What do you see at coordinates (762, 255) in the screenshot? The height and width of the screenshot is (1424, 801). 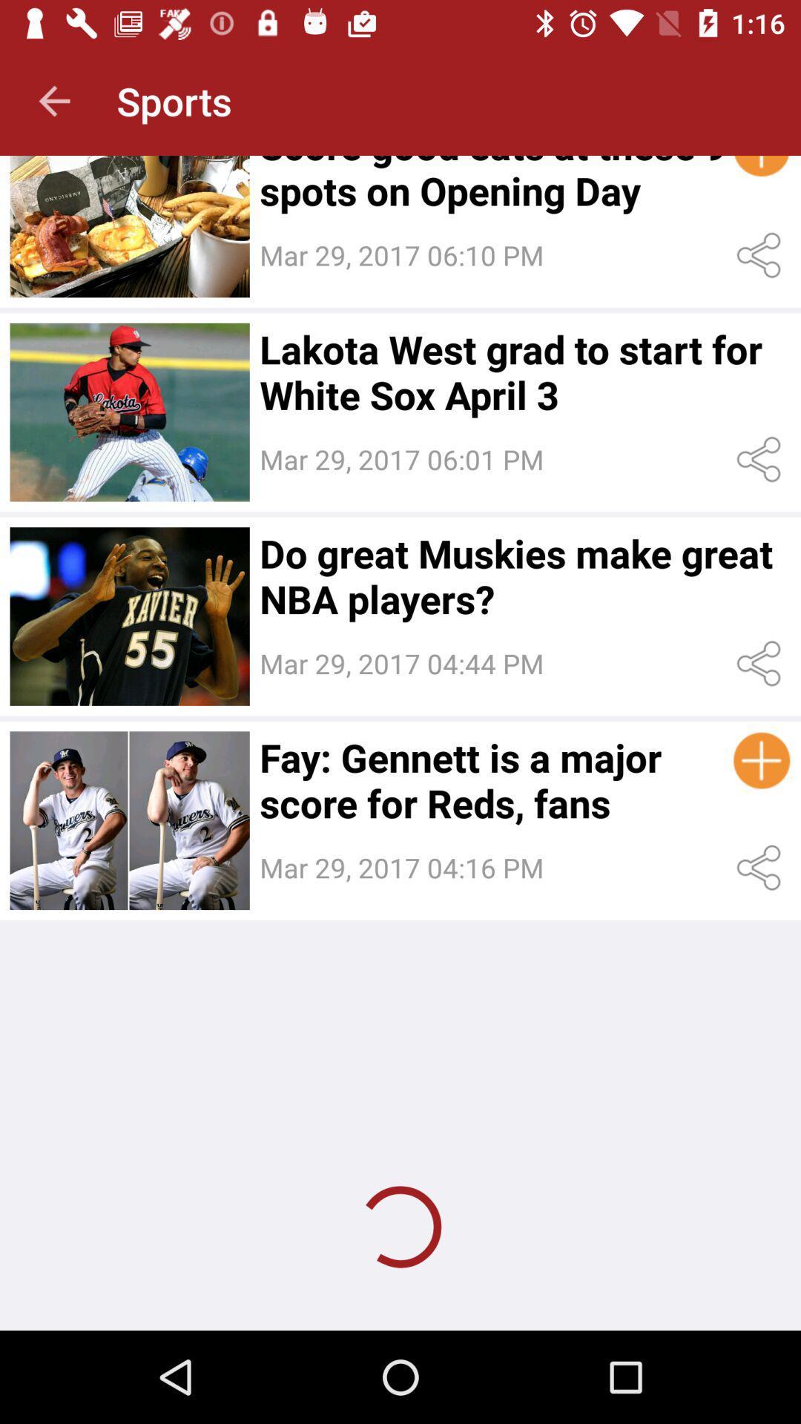 I see `shares the article` at bounding box center [762, 255].